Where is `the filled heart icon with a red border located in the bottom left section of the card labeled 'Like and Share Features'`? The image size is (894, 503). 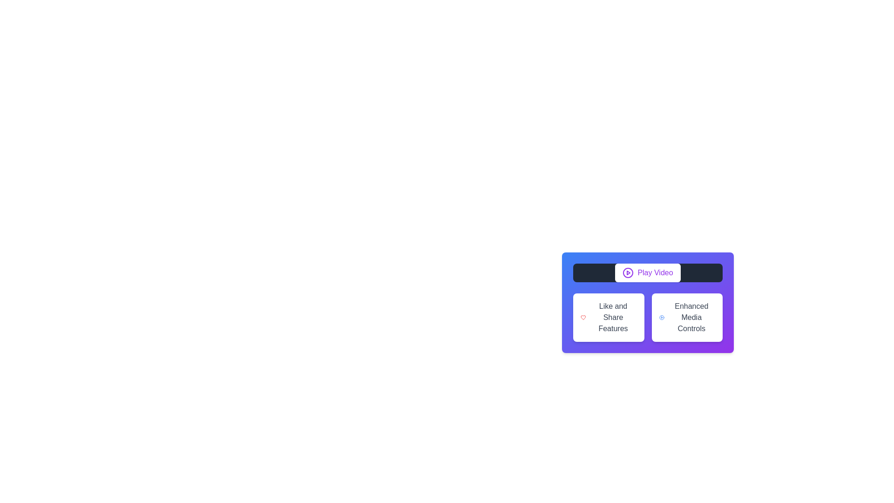
the filled heart icon with a red border located in the bottom left section of the card labeled 'Like and Share Features' is located at coordinates (582, 317).